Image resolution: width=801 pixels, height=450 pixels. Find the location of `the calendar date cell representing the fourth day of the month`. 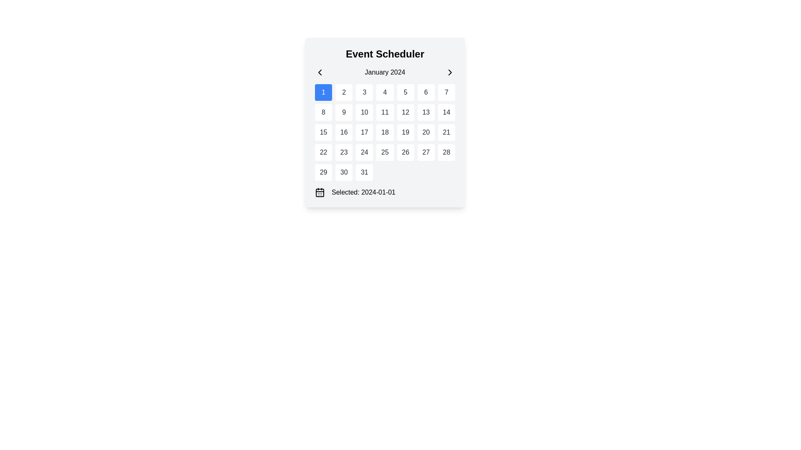

the calendar date cell representing the fourth day of the month is located at coordinates (384, 92).